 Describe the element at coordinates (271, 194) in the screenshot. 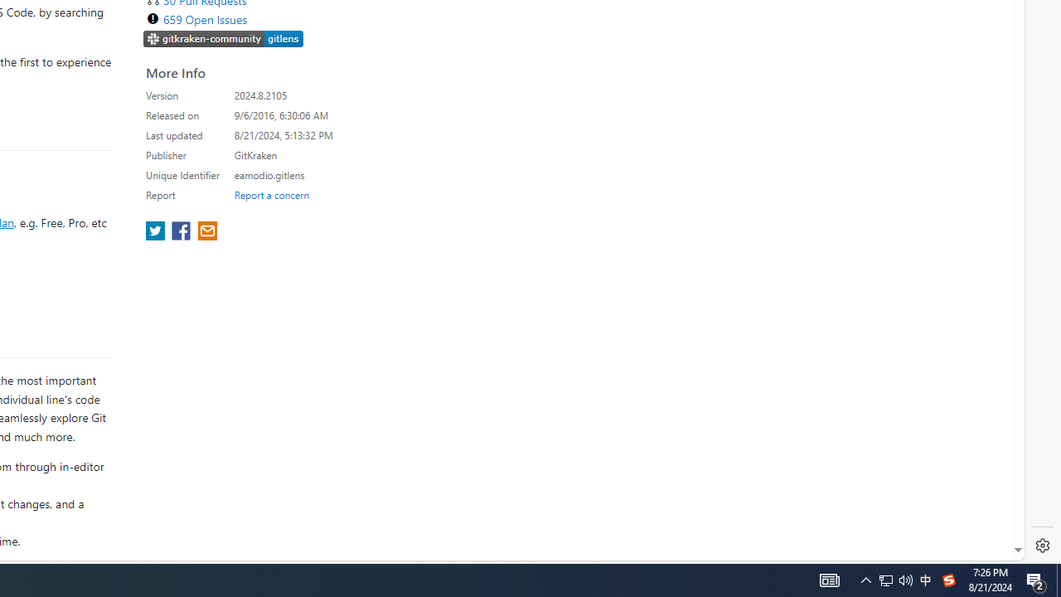

I see `'Report a concern'` at that location.